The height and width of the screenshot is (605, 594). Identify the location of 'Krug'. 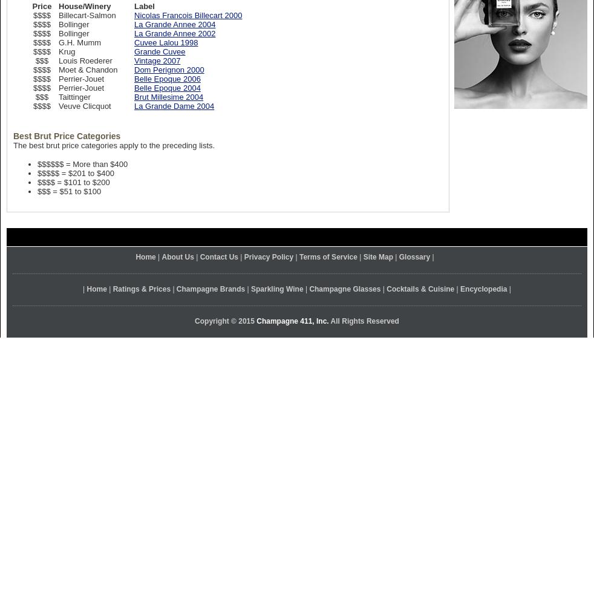
(66, 51).